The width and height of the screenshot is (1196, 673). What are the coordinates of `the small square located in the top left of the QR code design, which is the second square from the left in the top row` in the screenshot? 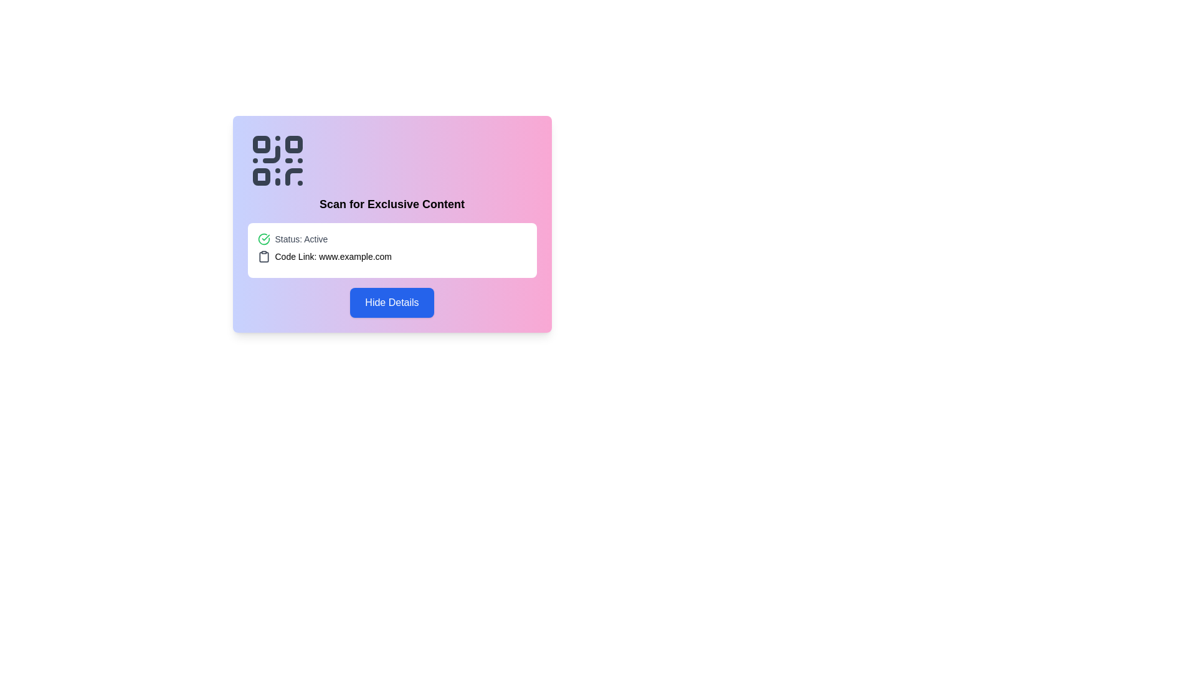 It's located at (293, 143).